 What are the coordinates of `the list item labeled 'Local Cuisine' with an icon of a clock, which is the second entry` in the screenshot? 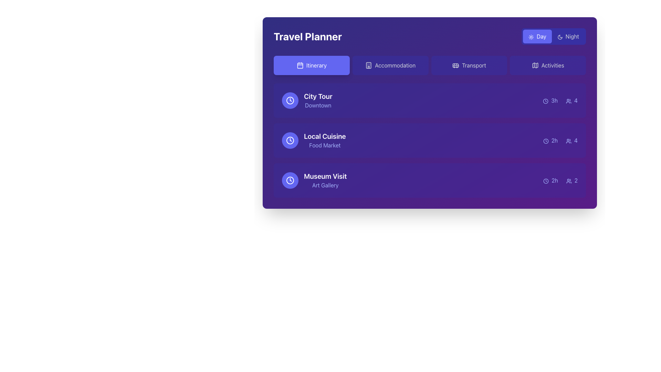 It's located at (313, 140).